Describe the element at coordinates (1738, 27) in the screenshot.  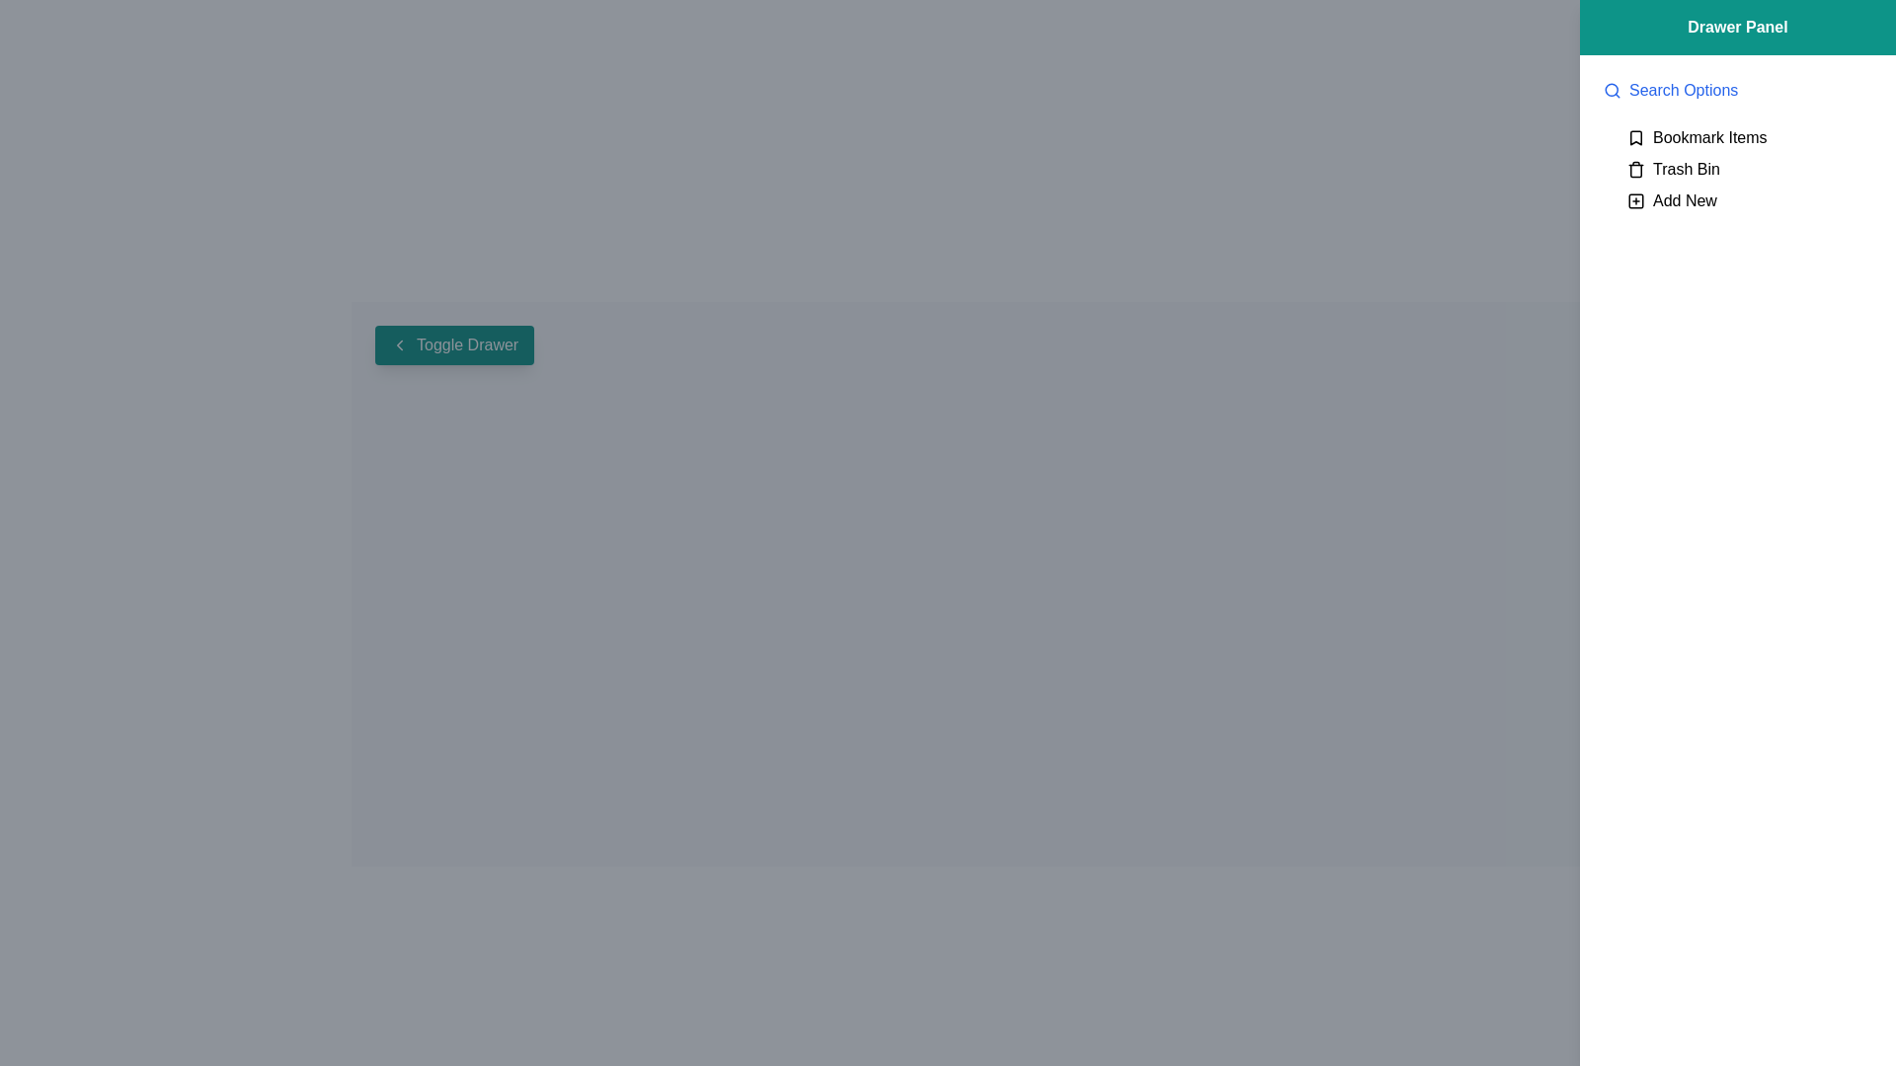
I see `the text label located in the teal header bar at the top-right corner of the interface` at that location.